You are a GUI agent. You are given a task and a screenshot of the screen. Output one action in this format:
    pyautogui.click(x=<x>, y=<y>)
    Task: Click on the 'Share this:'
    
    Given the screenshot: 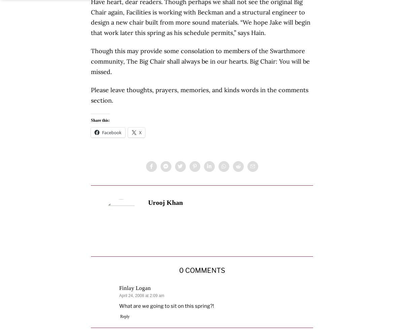 What is the action you would take?
    pyautogui.click(x=100, y=120)
    